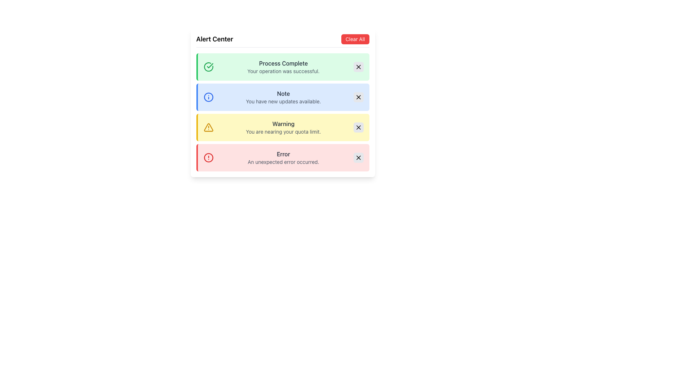 This screenshot has width=692, height=389. I want to click on the small square button with rounded edges and an 'X' icon located on the far right of the blue notification bar labeled 'Note', so click(358, 97).